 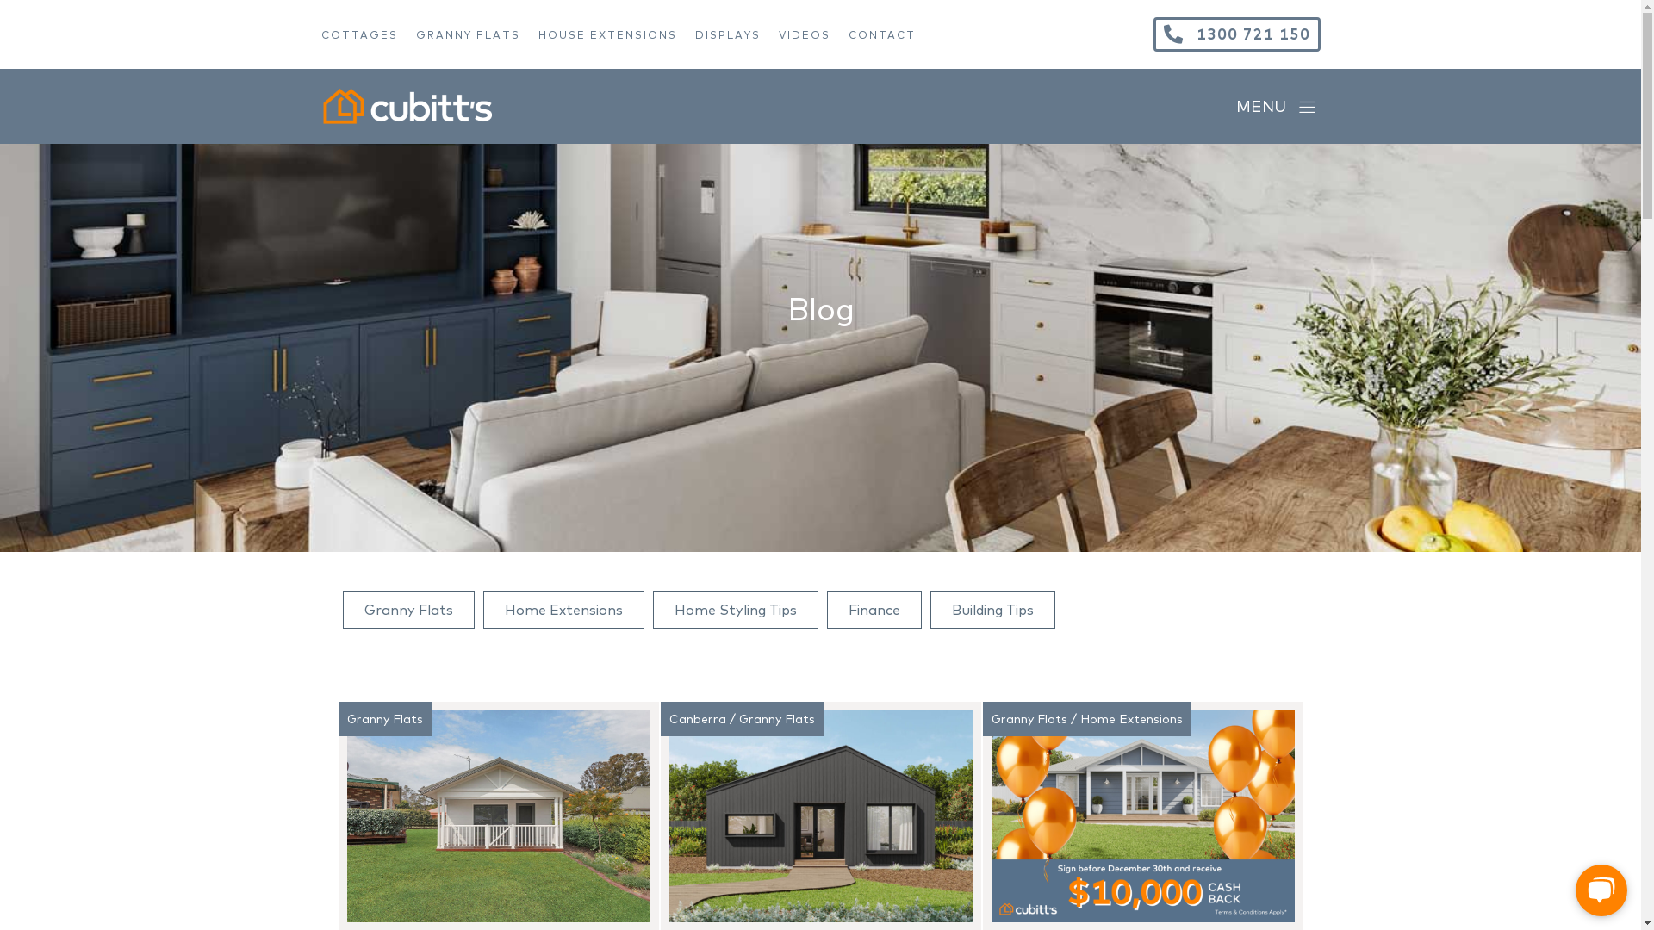 What do you see at coordinates (537, 34) in the screenshot?
I see `'HOUSE EXTENSIONS'` at bounding box center [537, 34].